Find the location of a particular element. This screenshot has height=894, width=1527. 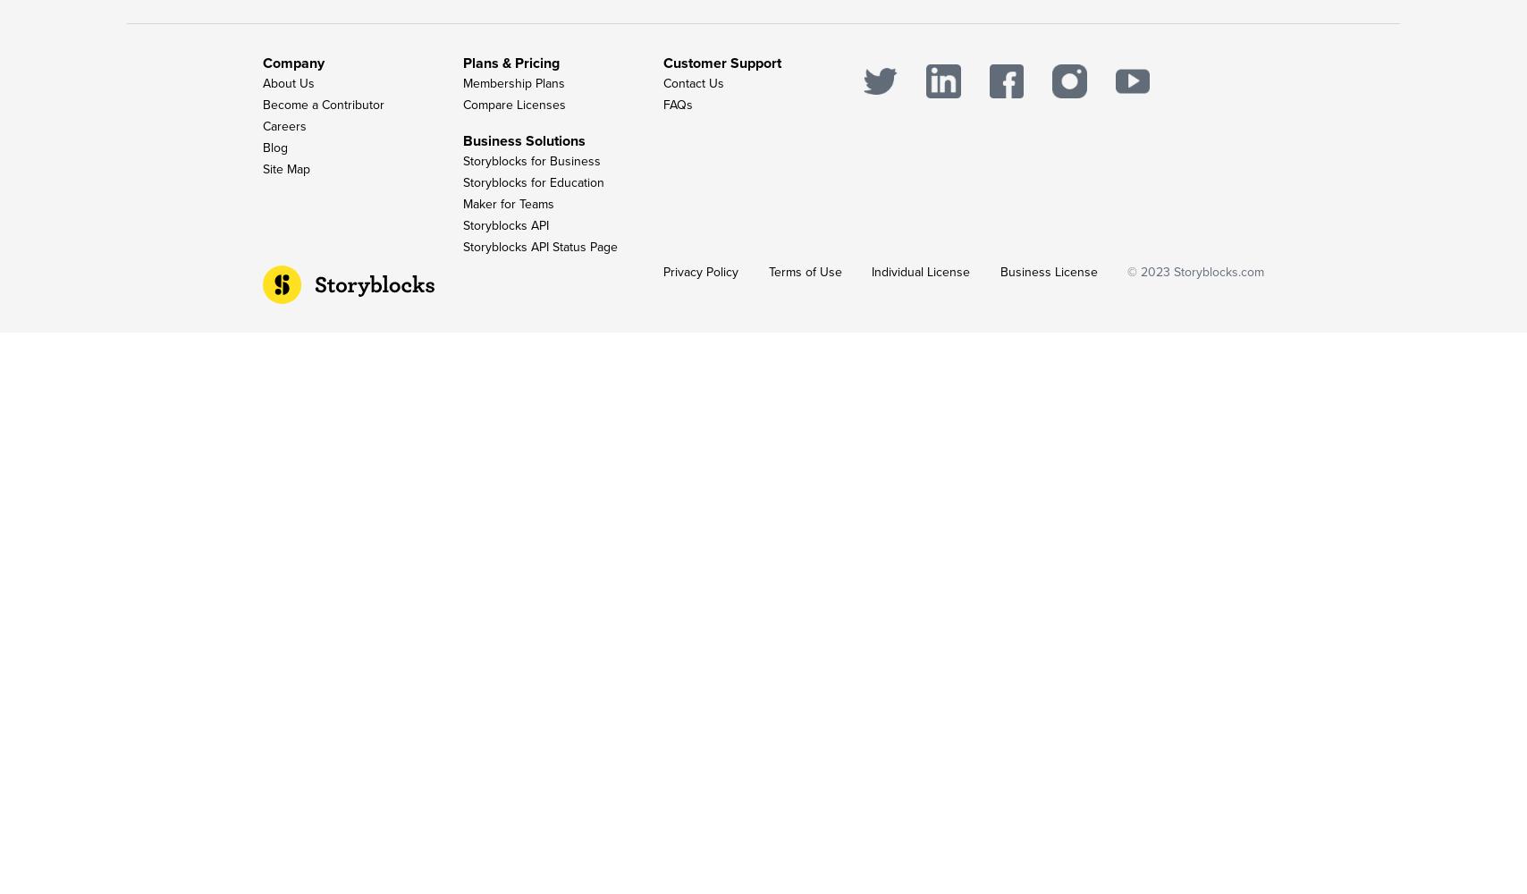

'© 2023' is located at coordinates (1127, 272).